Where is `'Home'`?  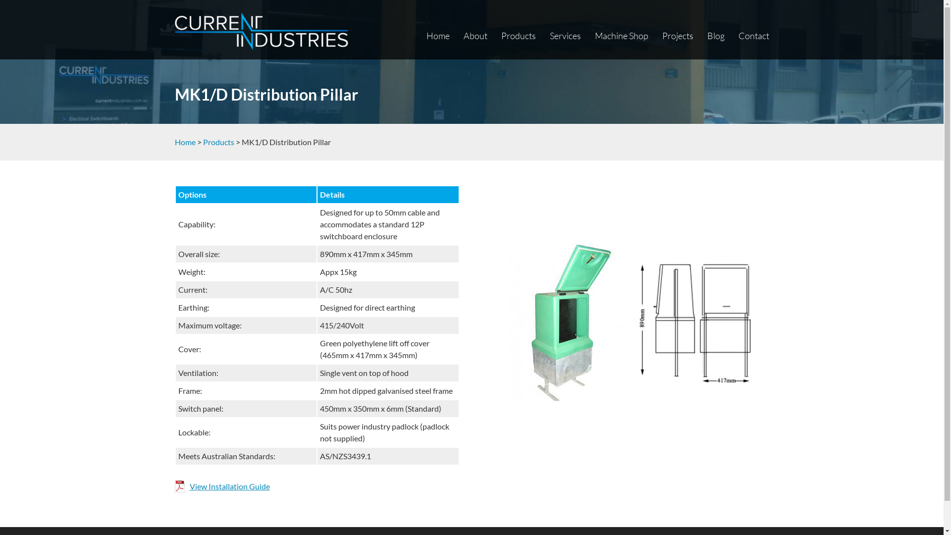 'Home' is located at coordinates (437, 35).